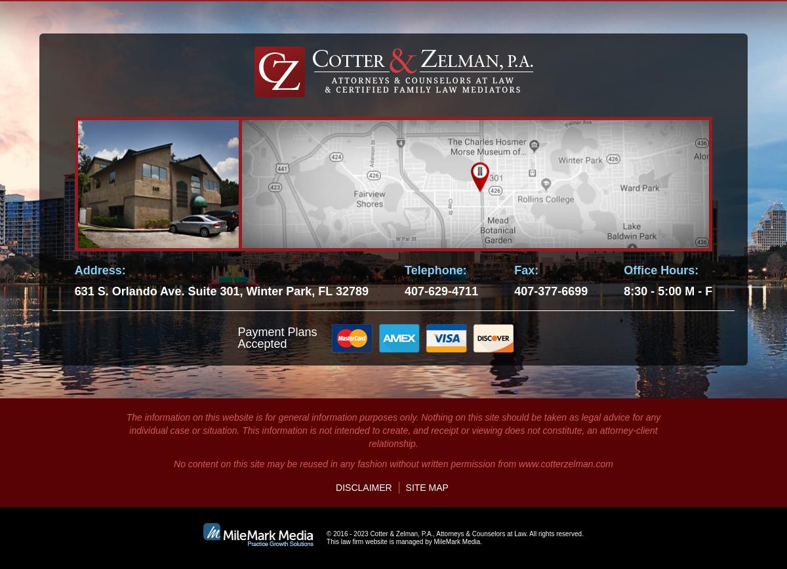  I want to click on 'Disclaimer', so click(335, 486).